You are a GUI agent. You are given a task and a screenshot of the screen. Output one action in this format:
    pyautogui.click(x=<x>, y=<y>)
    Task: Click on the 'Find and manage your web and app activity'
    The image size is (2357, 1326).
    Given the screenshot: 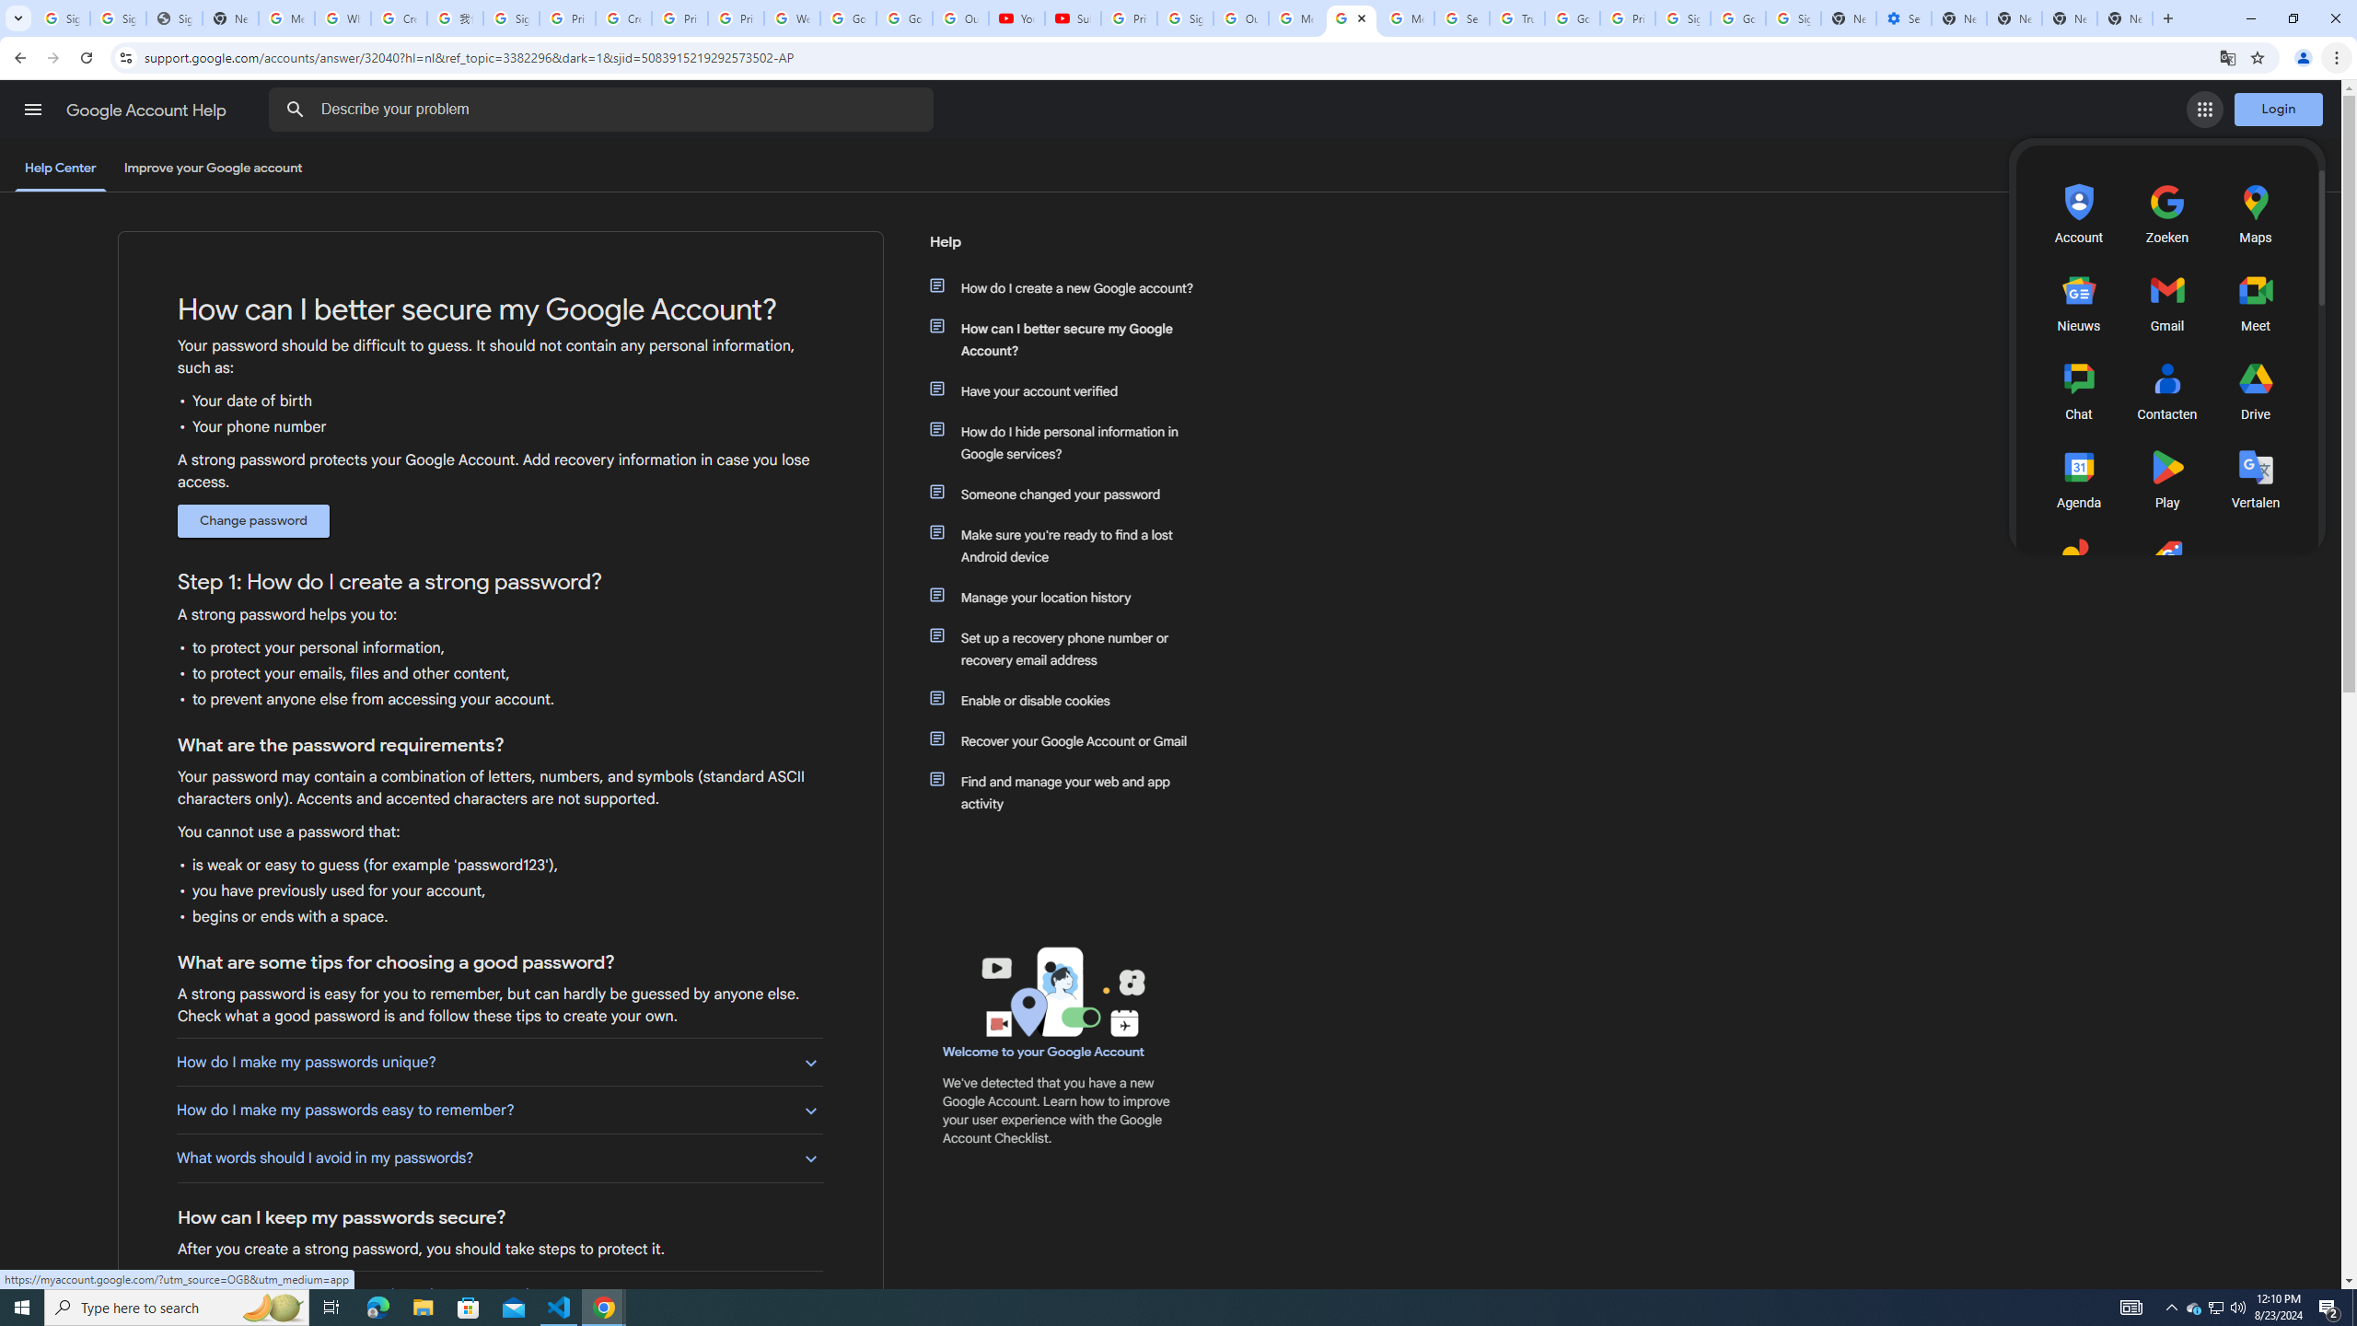 What is the action you would take?
    pyautogui.click(x=1070, y=793)
    